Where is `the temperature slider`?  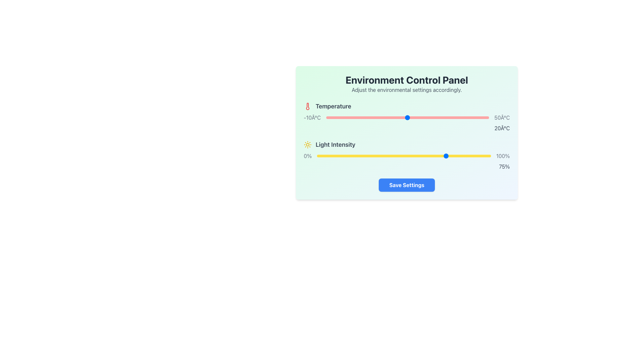 the temperature slider is located at coordinates (486, 117).